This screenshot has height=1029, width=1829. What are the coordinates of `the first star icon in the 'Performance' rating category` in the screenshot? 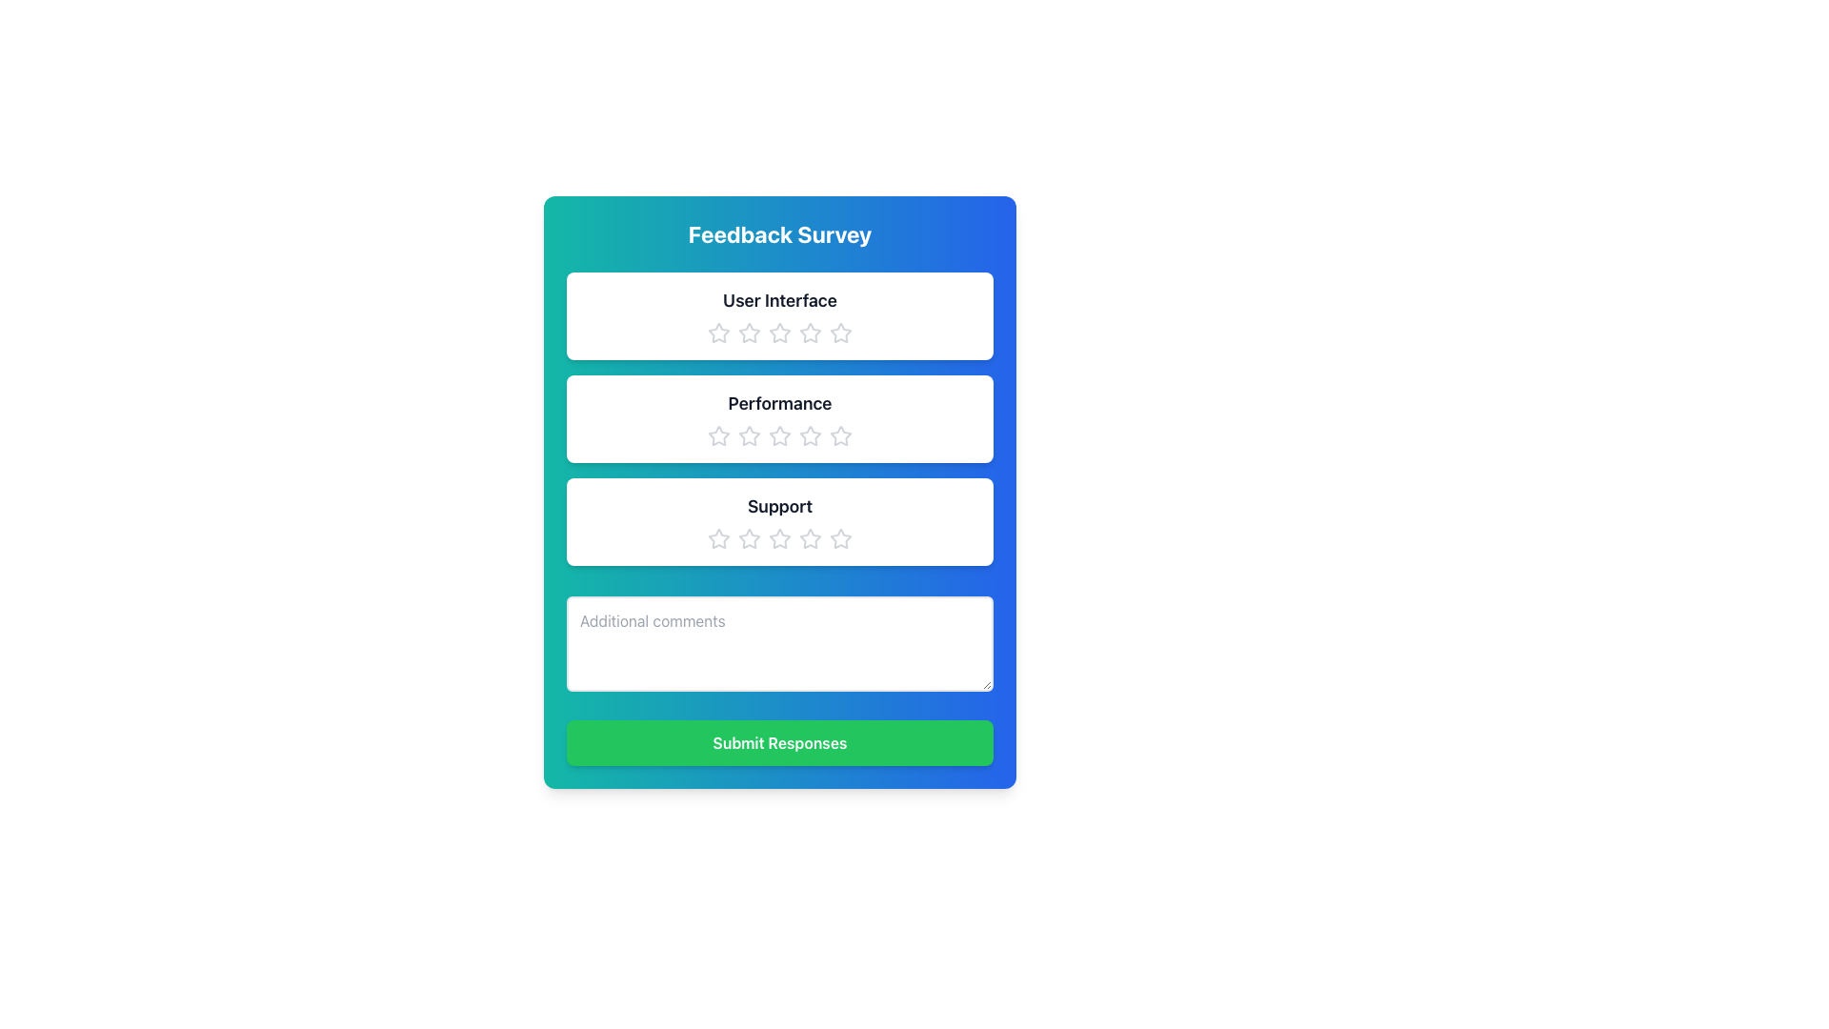 It's located at (717, 435).